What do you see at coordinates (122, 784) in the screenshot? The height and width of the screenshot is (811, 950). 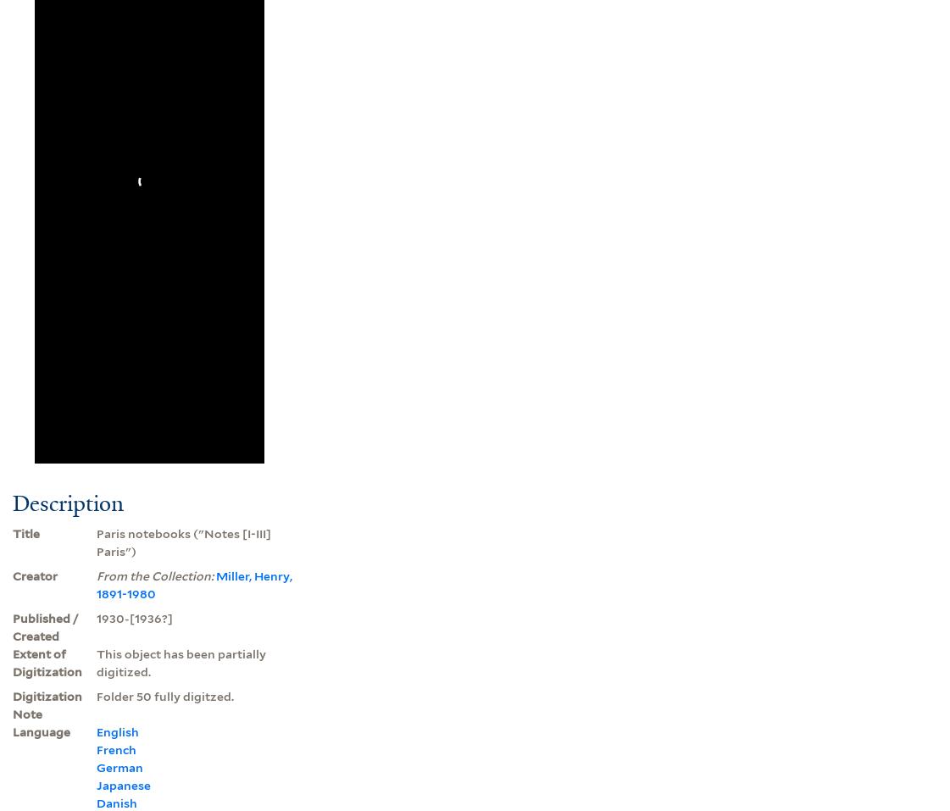 I see `'Japanese'` at bounding box center [122, 784].